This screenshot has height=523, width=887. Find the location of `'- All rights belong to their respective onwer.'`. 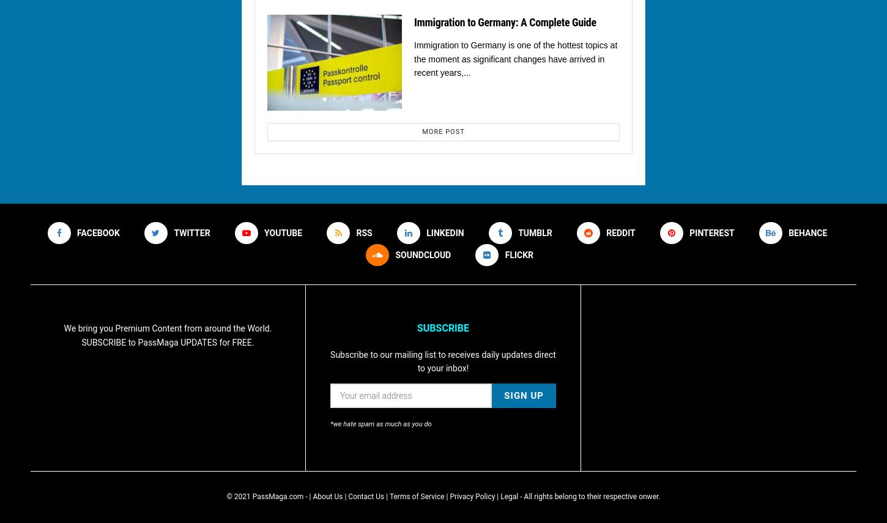

'- All rights belong to their respective onwer.' is located at coordinates (588, 495).